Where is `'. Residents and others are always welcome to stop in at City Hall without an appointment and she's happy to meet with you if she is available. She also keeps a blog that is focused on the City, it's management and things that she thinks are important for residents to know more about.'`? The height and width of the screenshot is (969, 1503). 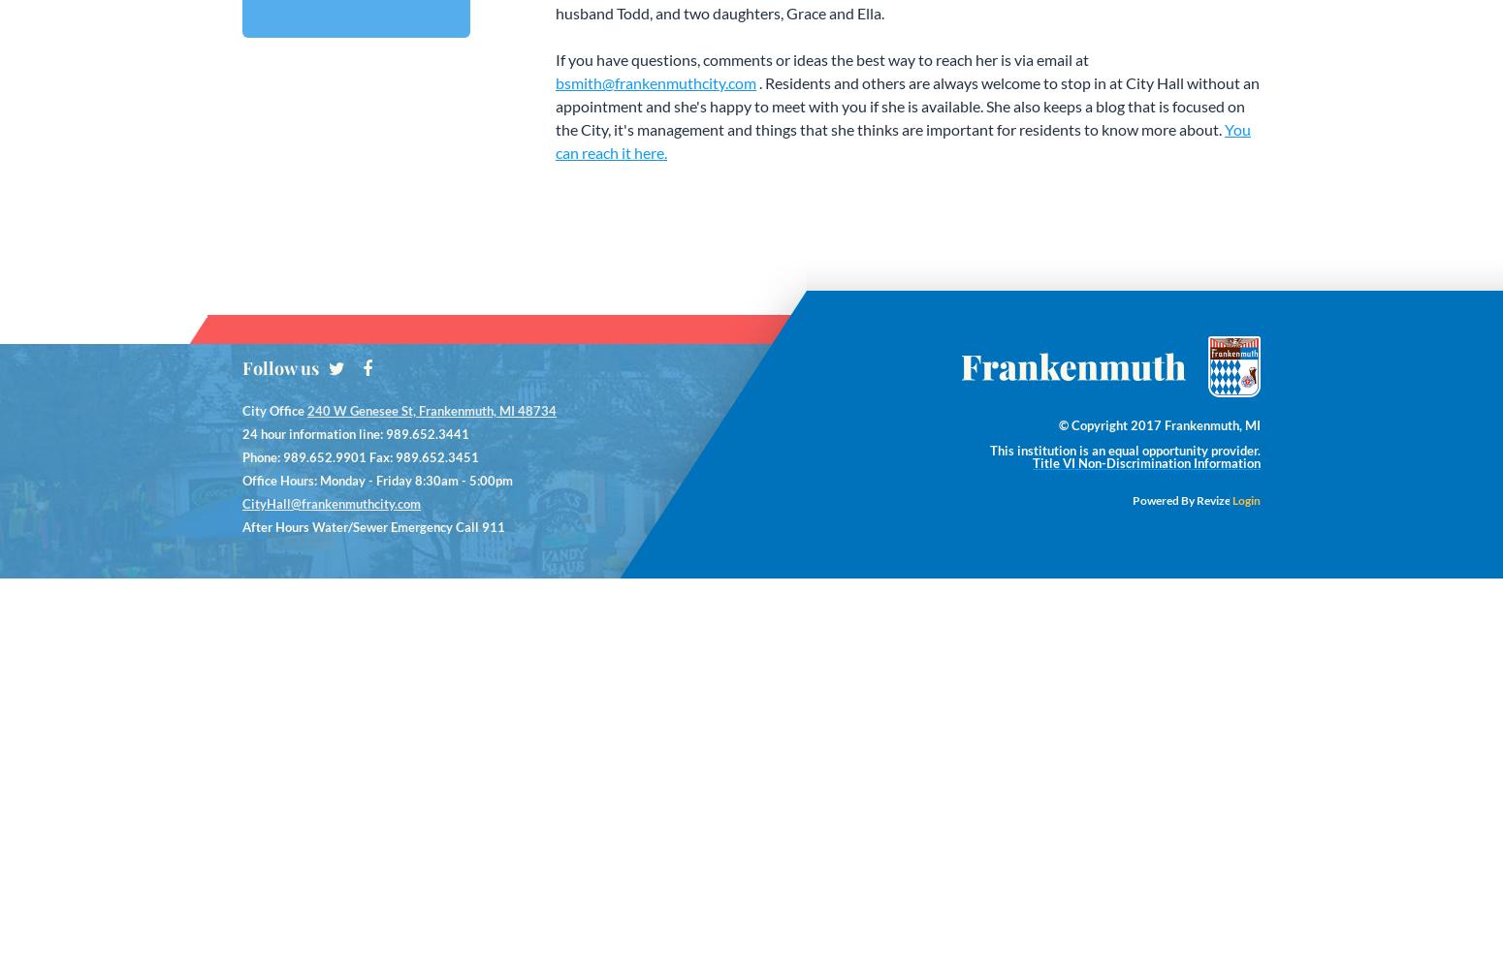
'. Residents and others are always welcome to stop in at City Hall without an appointment and she's happy to meet with you if she is available. She also keeps a blog that is focused on the City, it's management and things that she thinks are important for residents to know more about.' is located at coordinates (907, 105).